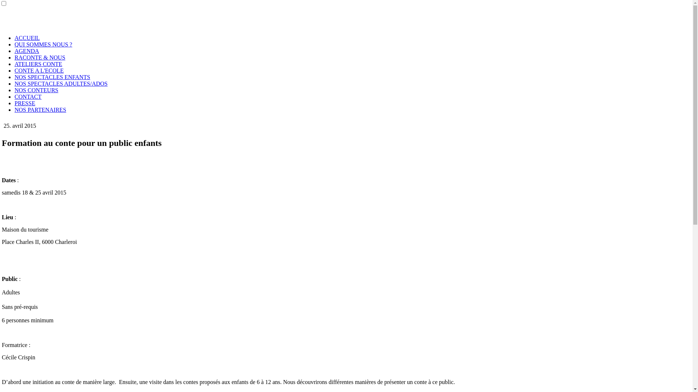 The height and width of the screenshot is (392, 698). What do you see at coordinates (38, 64) in the screenshot?
I see `'ATELIERS CONTE'` at bounding box center [38, 64].